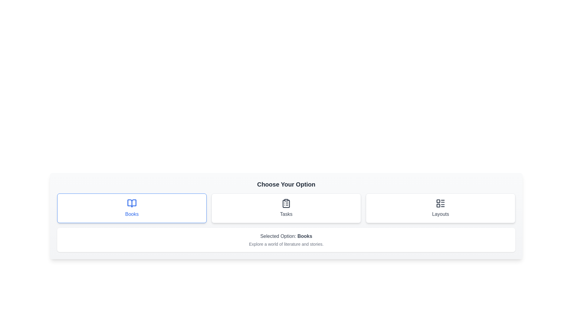  I want to click on the static text element that provides additional context related to the selected option 'Books', located directly underneath 'Selected Option: Books', so click(286, 244).